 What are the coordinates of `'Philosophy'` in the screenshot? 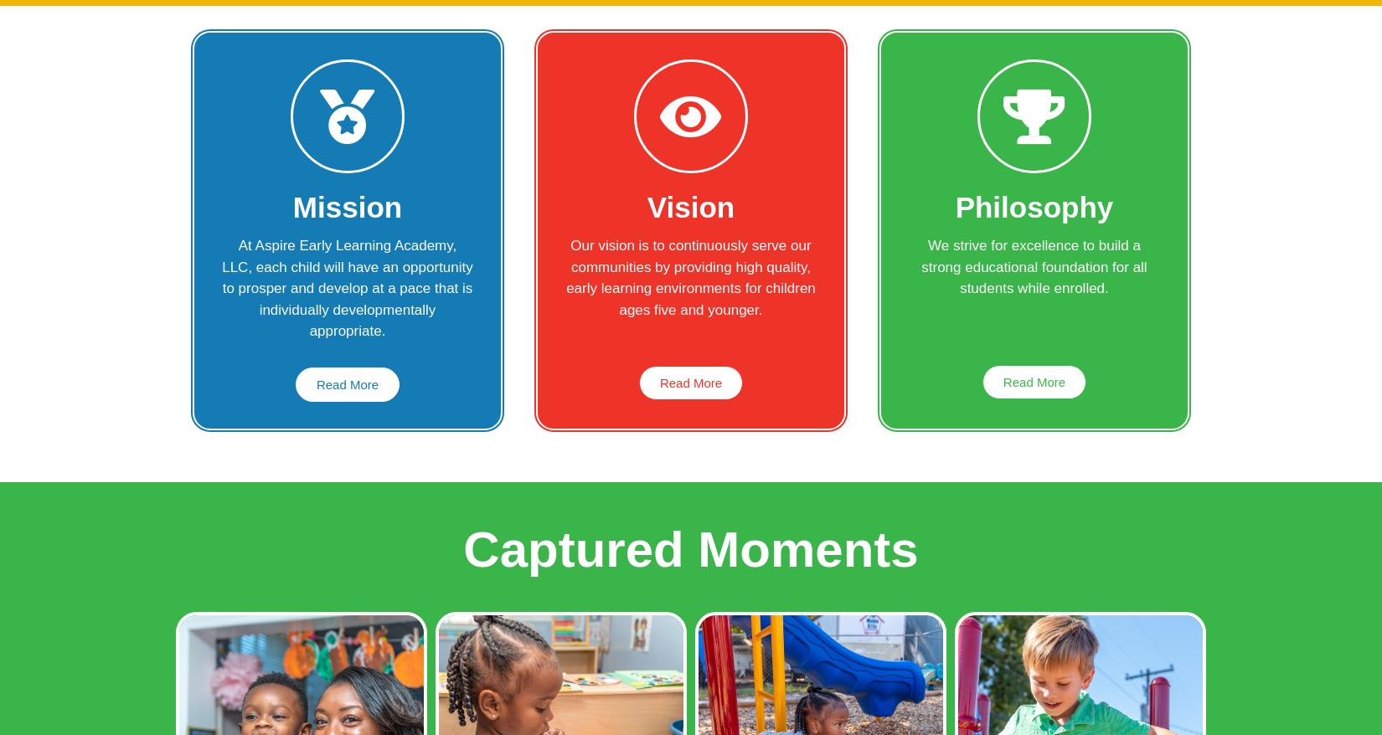 It's located at (1034, 207).